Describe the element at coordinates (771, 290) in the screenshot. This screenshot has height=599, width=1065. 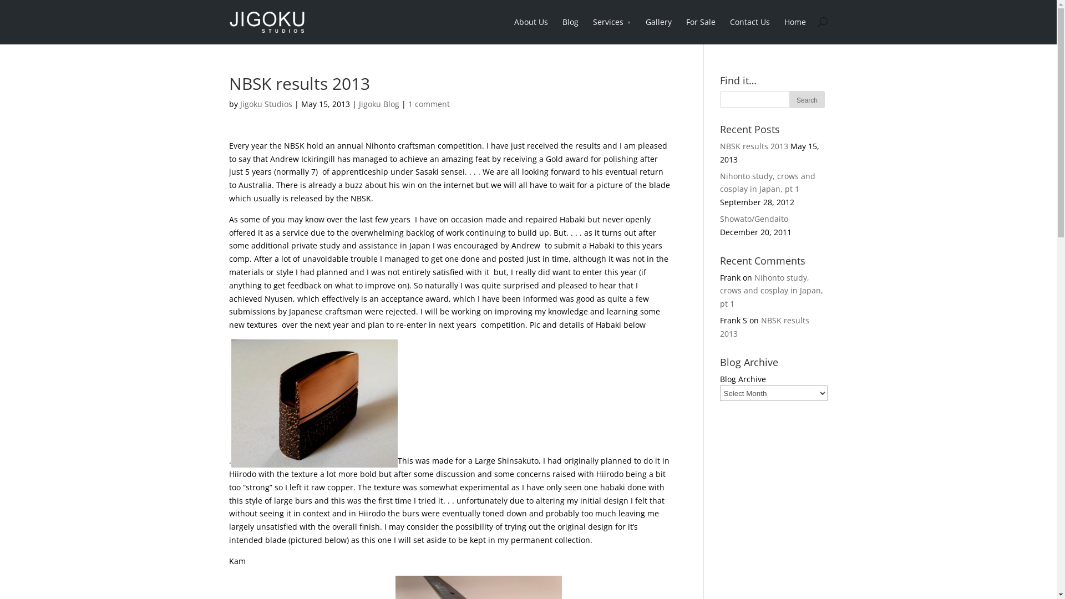
I see `'Nihonto study, crows and cosplay in Japan, pt 1'` at that location.